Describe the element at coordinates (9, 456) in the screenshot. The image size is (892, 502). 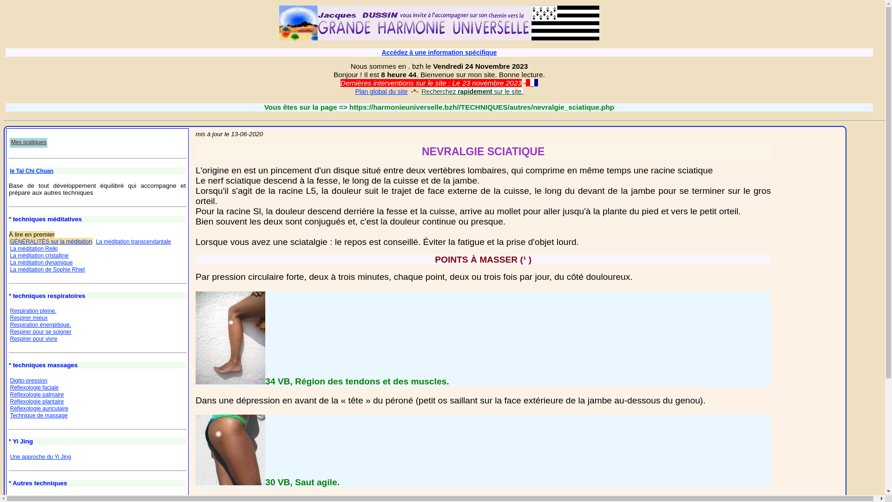
I see `'Une approche du Yi Jing'` at that location.